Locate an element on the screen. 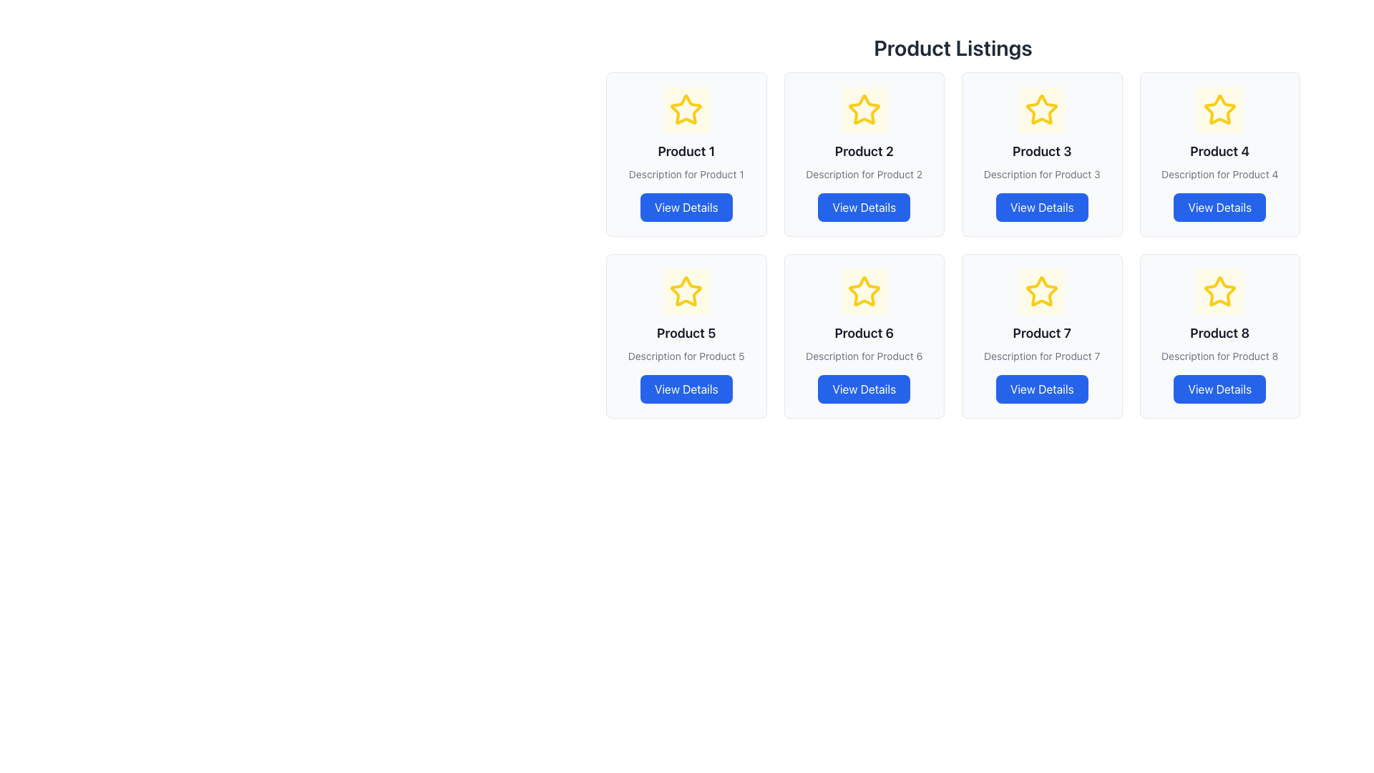  the gray text line that reads 'Description for Product 2', which is located below the title 'Product 2' and above the 'View Details' button in the product card grid is located at coordinates (863, 173).